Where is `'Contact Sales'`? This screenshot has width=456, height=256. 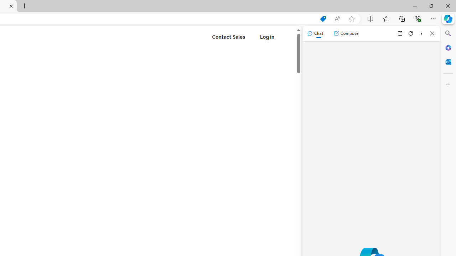
'Contact Sales' is located at coordinates (228, 37).